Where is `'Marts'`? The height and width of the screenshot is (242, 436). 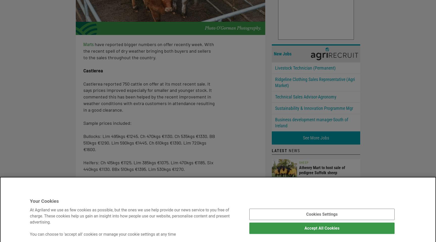
'Marts' is located at coordinates (89, 44).